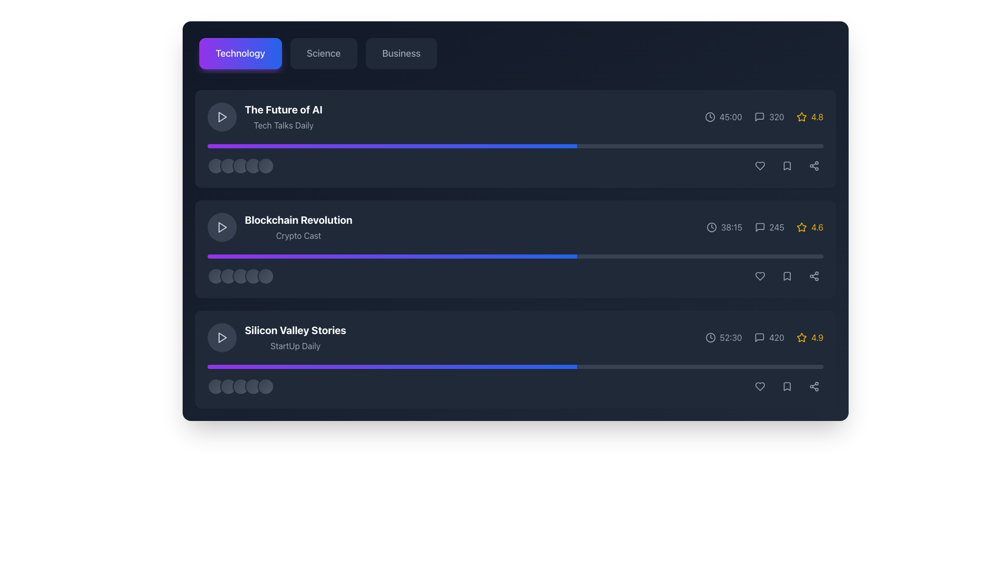  Describe the element at coordinates (769, 226) in the screenshot. I see `the comment/message count icon-label pair located to the right of the timing display '38:15' and before the yellow star icon with the text '4.6'` at that location.